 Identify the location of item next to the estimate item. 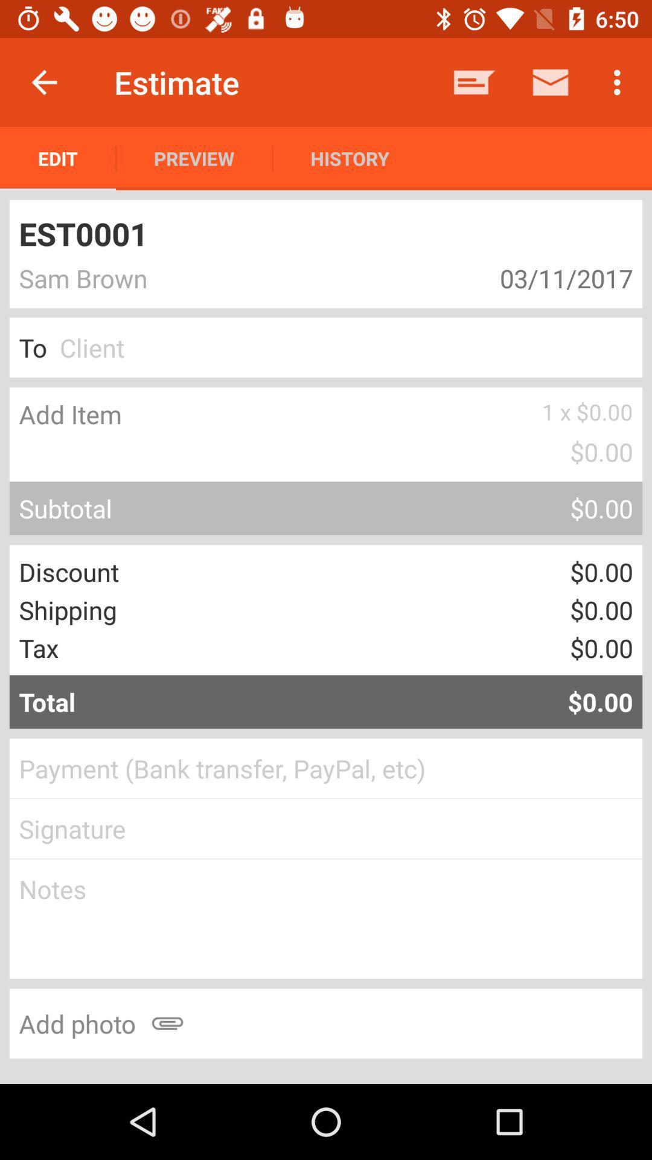
(43, 82).